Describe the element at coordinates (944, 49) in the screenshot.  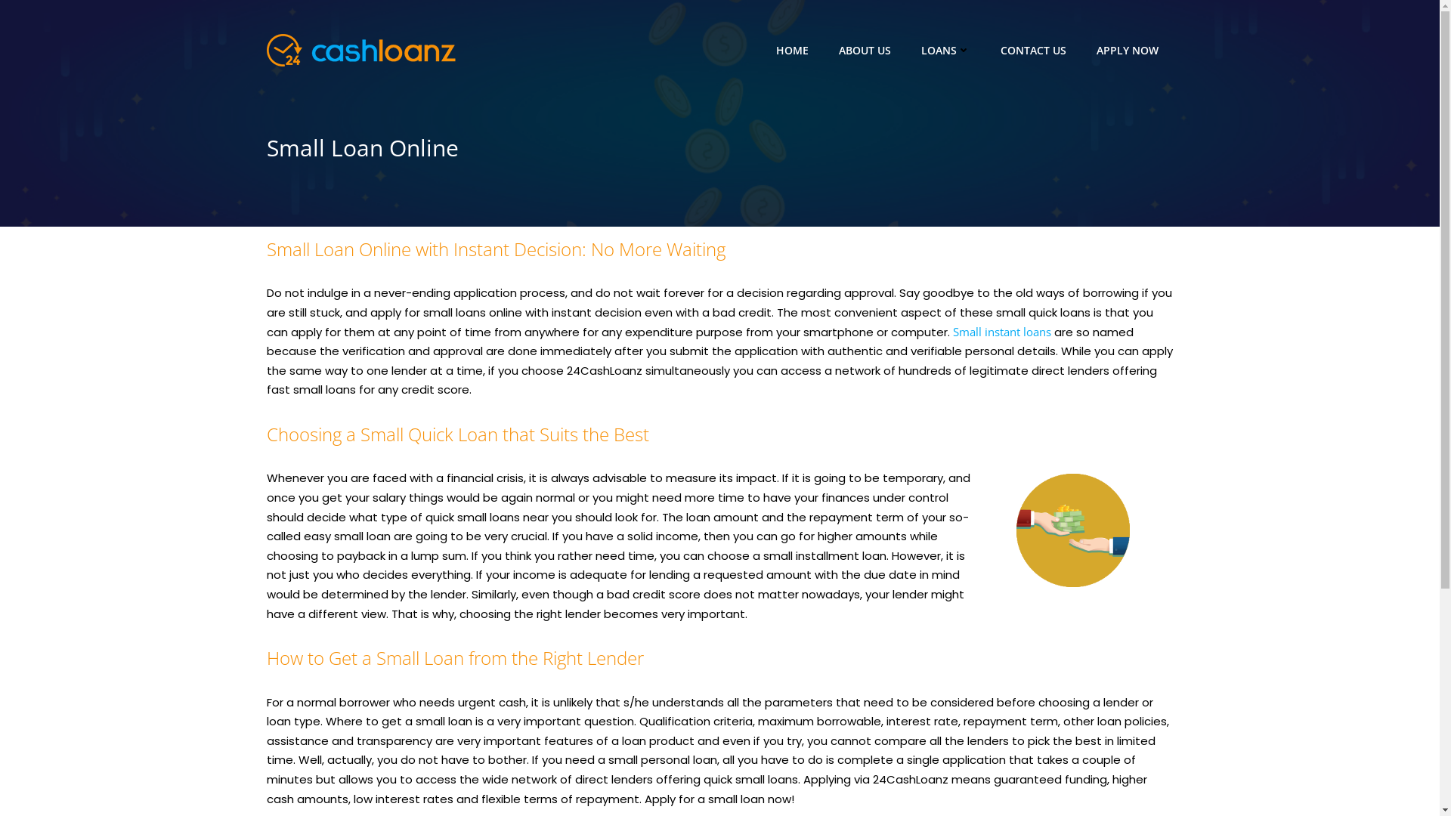
I see `'LOANS'` at that location.